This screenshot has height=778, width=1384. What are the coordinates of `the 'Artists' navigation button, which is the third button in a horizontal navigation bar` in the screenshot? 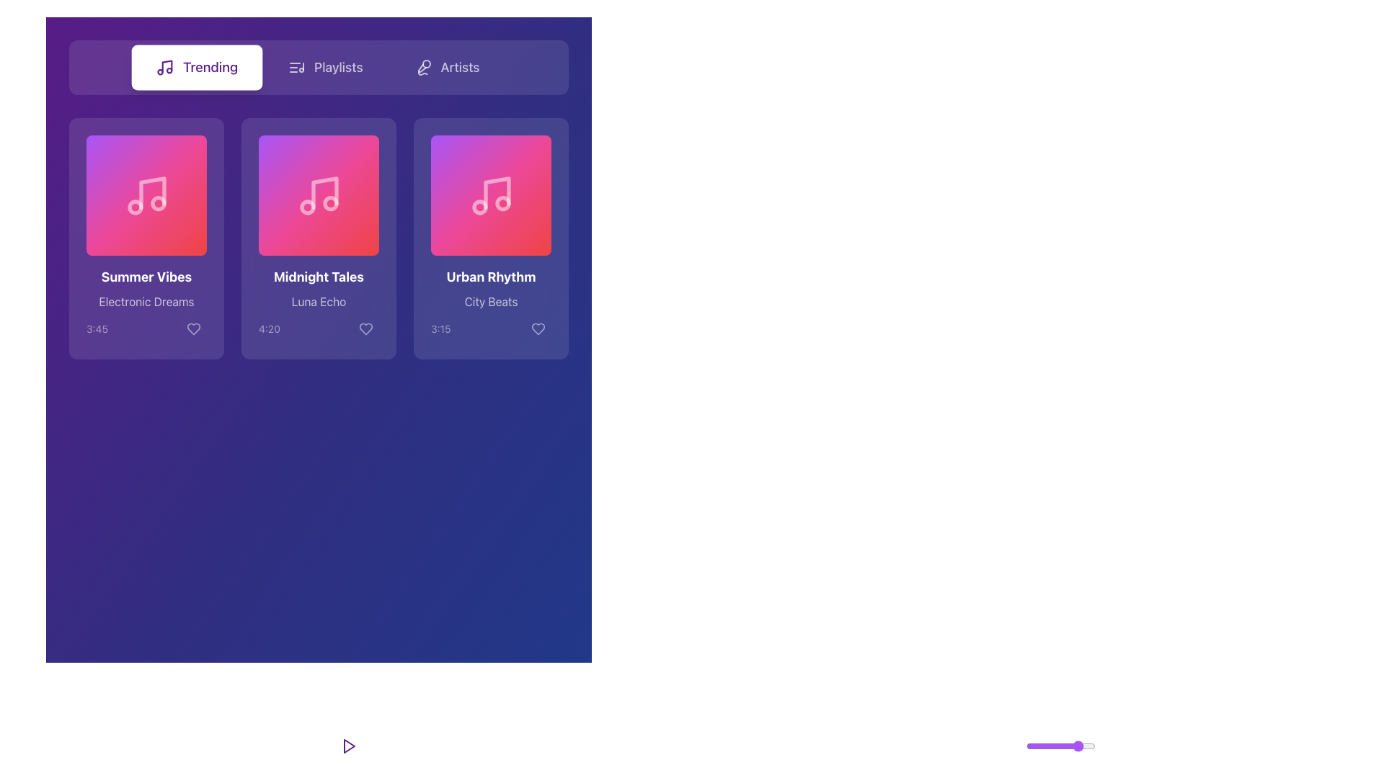 It's located at (446, 67).